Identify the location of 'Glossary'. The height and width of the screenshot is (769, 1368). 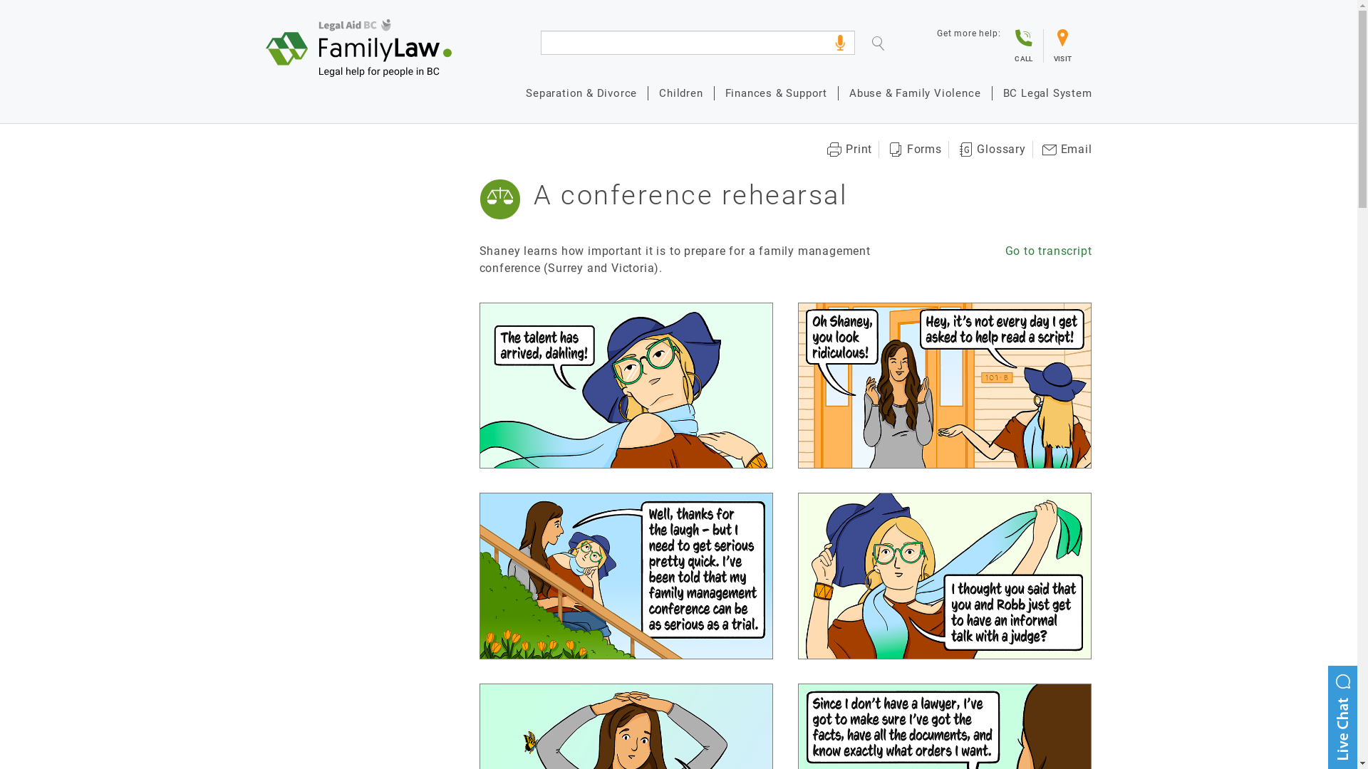
(991, 149).